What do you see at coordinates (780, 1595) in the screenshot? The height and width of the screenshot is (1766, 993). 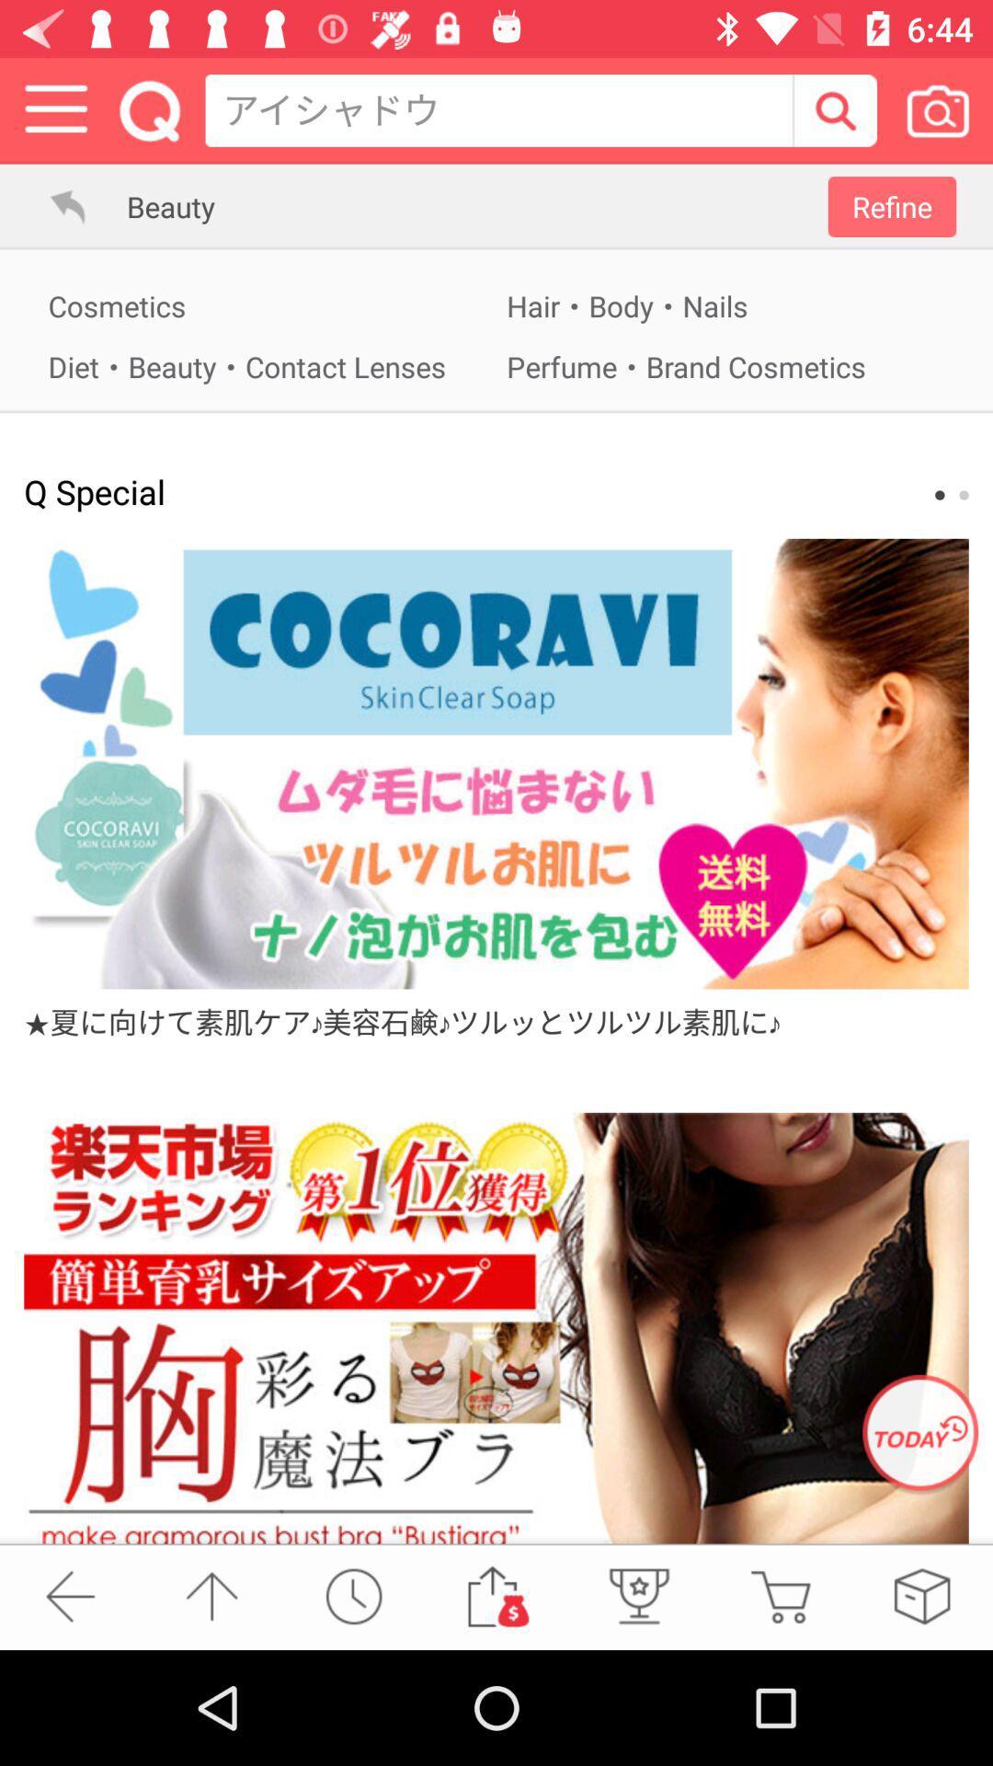 I see `cart` at bounding box center [780, 1595].